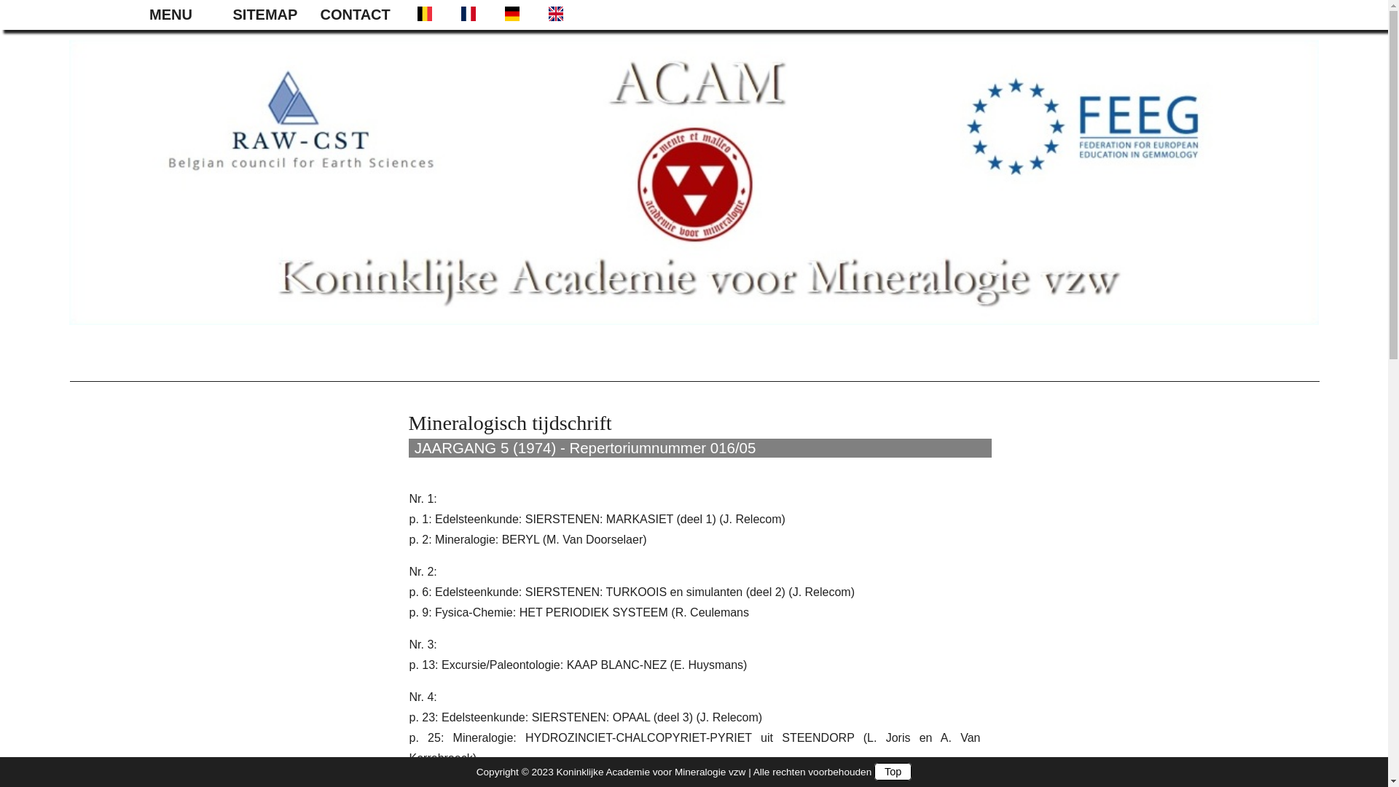  What do you see at coordinates (874, 771) in the screenshot?
I see `'Top'` at bounding box center [874, 771].